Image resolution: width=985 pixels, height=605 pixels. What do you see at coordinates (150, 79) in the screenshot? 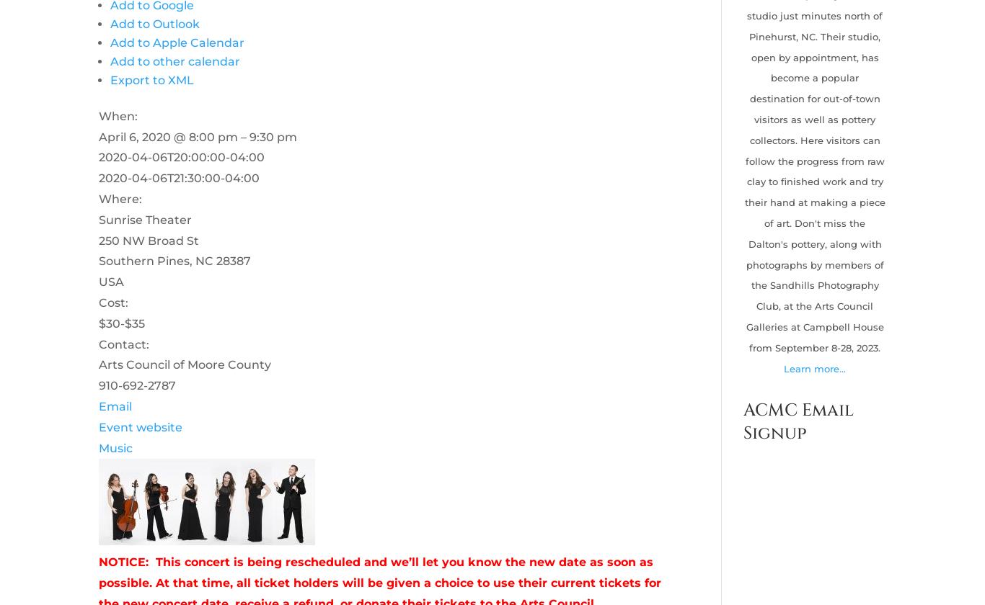
I see `'Export to XML'` at bounding box center [150, 79].